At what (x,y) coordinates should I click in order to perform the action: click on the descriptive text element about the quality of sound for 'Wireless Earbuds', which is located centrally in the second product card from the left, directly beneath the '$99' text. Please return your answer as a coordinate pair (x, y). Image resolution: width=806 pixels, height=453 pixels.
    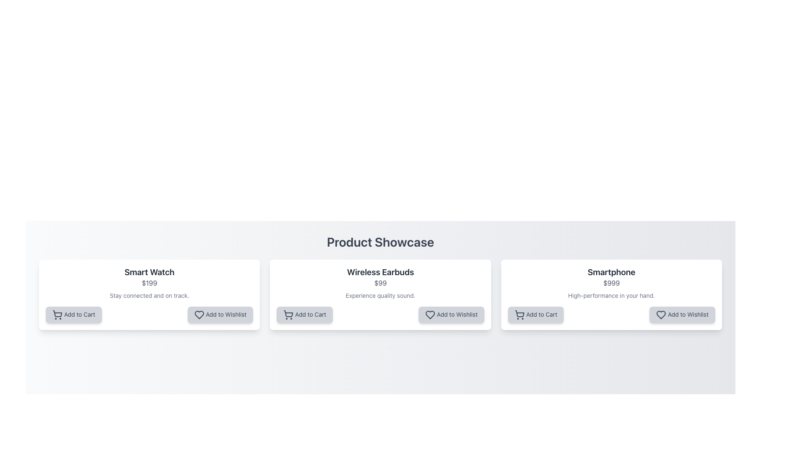
    Looking at the image, I should click on (380, 295).